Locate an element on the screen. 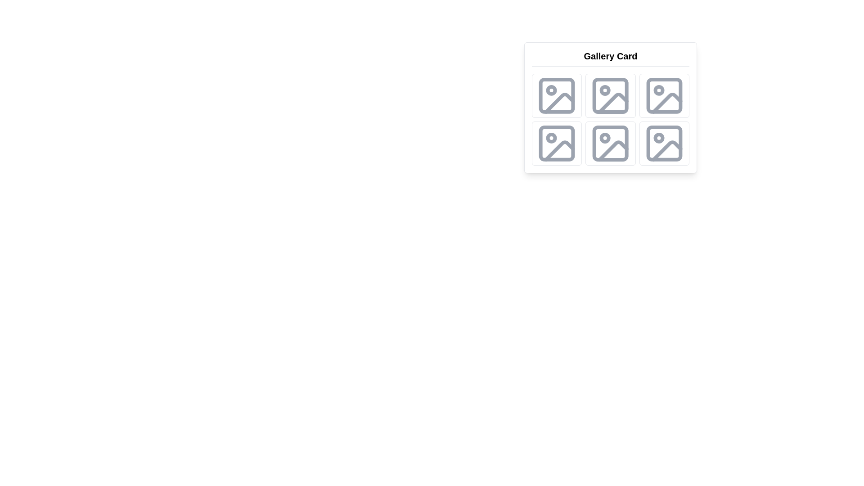  Vector icon or shape that is centrally positioned within the grid of the second row and second column of the gallery card grid is located at coordinates (611, 95).